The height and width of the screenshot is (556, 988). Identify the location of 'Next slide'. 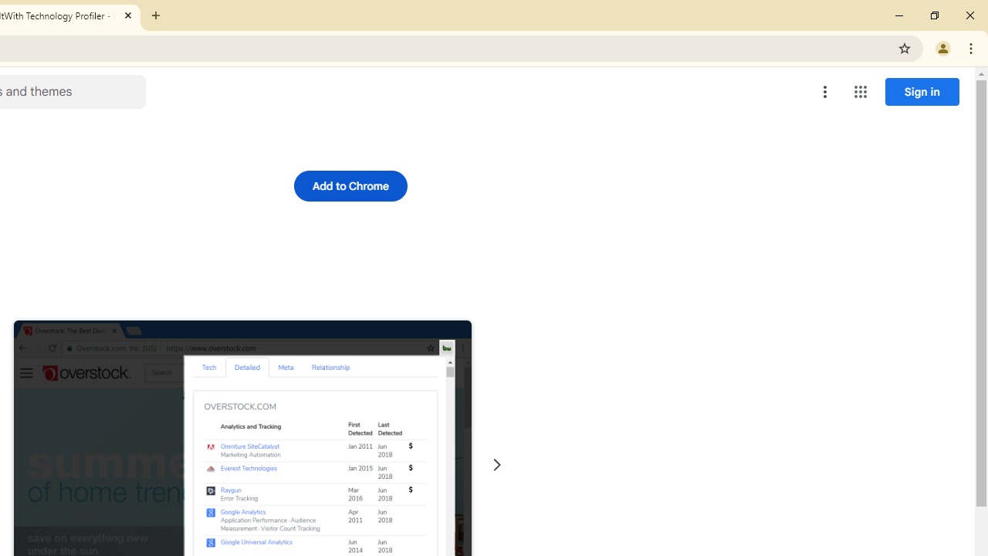
(496, 464).